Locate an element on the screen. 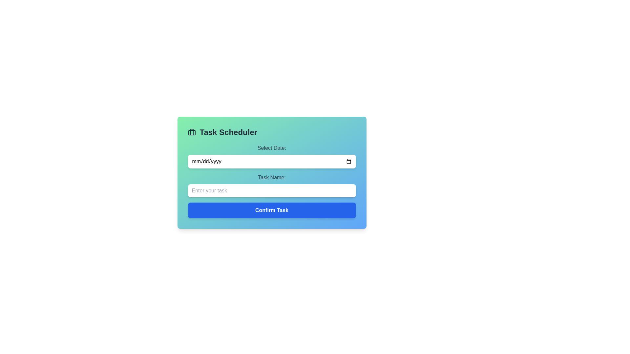 The image size is (630, 354). a date from the calendar by clicking on the Date Input Field labeled 'Select Date:' which has a placeholder in the format 'mm/dd/yyyy' is located at coordinates (272, 156).